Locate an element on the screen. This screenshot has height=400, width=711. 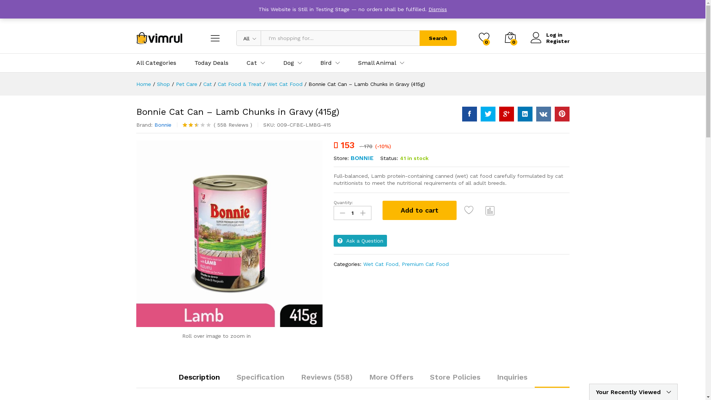
'Add to wishlist' is located at coordinates (463, 210).